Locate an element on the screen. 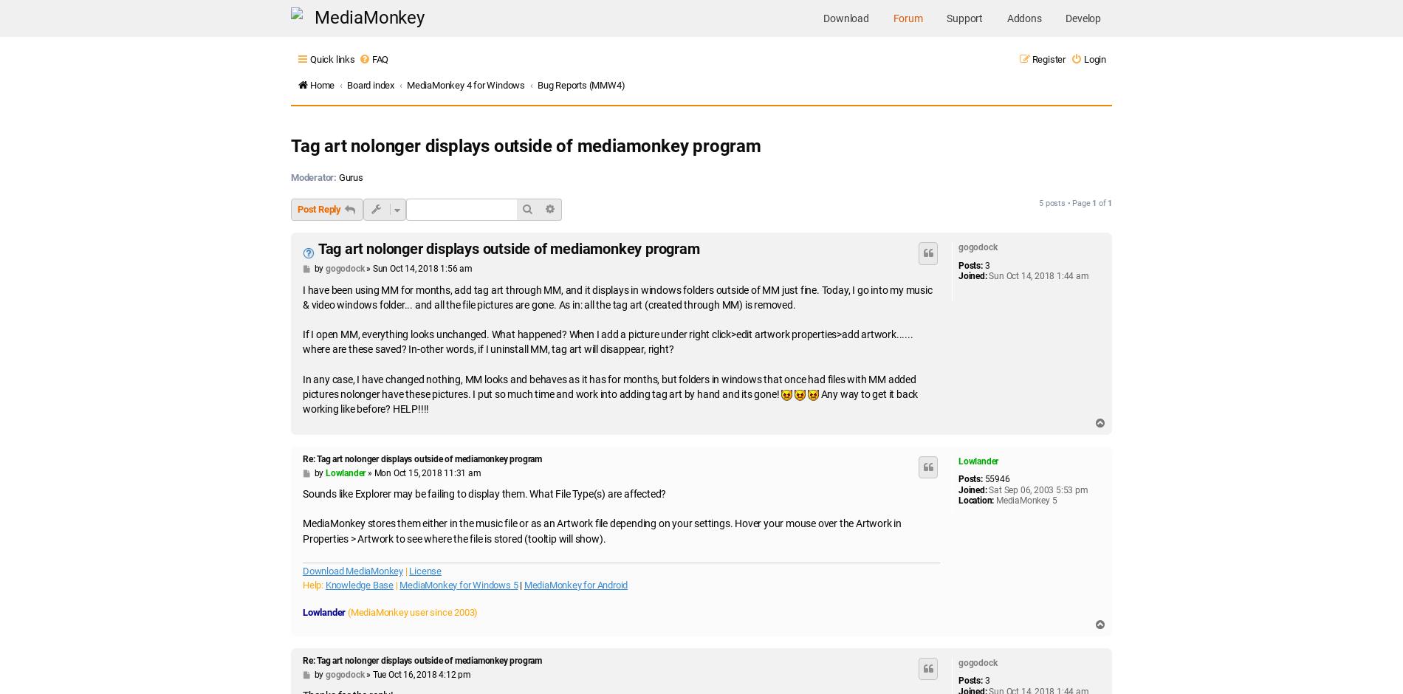 Image resolution: width=1403 pixels, height=694 pixels. 'Tue Oct 16, 2018 4:12 pm' is located at coordinates (421, 673).